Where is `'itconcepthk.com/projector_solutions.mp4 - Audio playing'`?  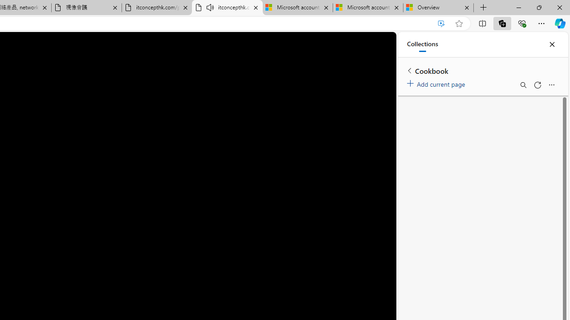 'itconcepthk.com/projector_solutions.mp4 - Audio playing' is located at coordinates (227, 8).